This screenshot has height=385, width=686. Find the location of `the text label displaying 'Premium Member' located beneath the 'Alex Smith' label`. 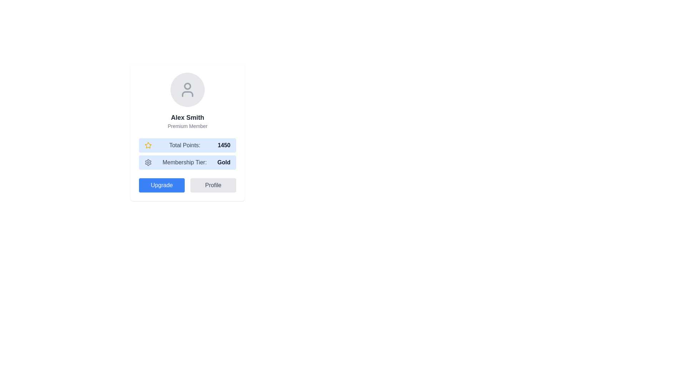

the text label displaying 'Premium Member' located beneath the 'Alex Smith' label is located at coordinates (187, 126).